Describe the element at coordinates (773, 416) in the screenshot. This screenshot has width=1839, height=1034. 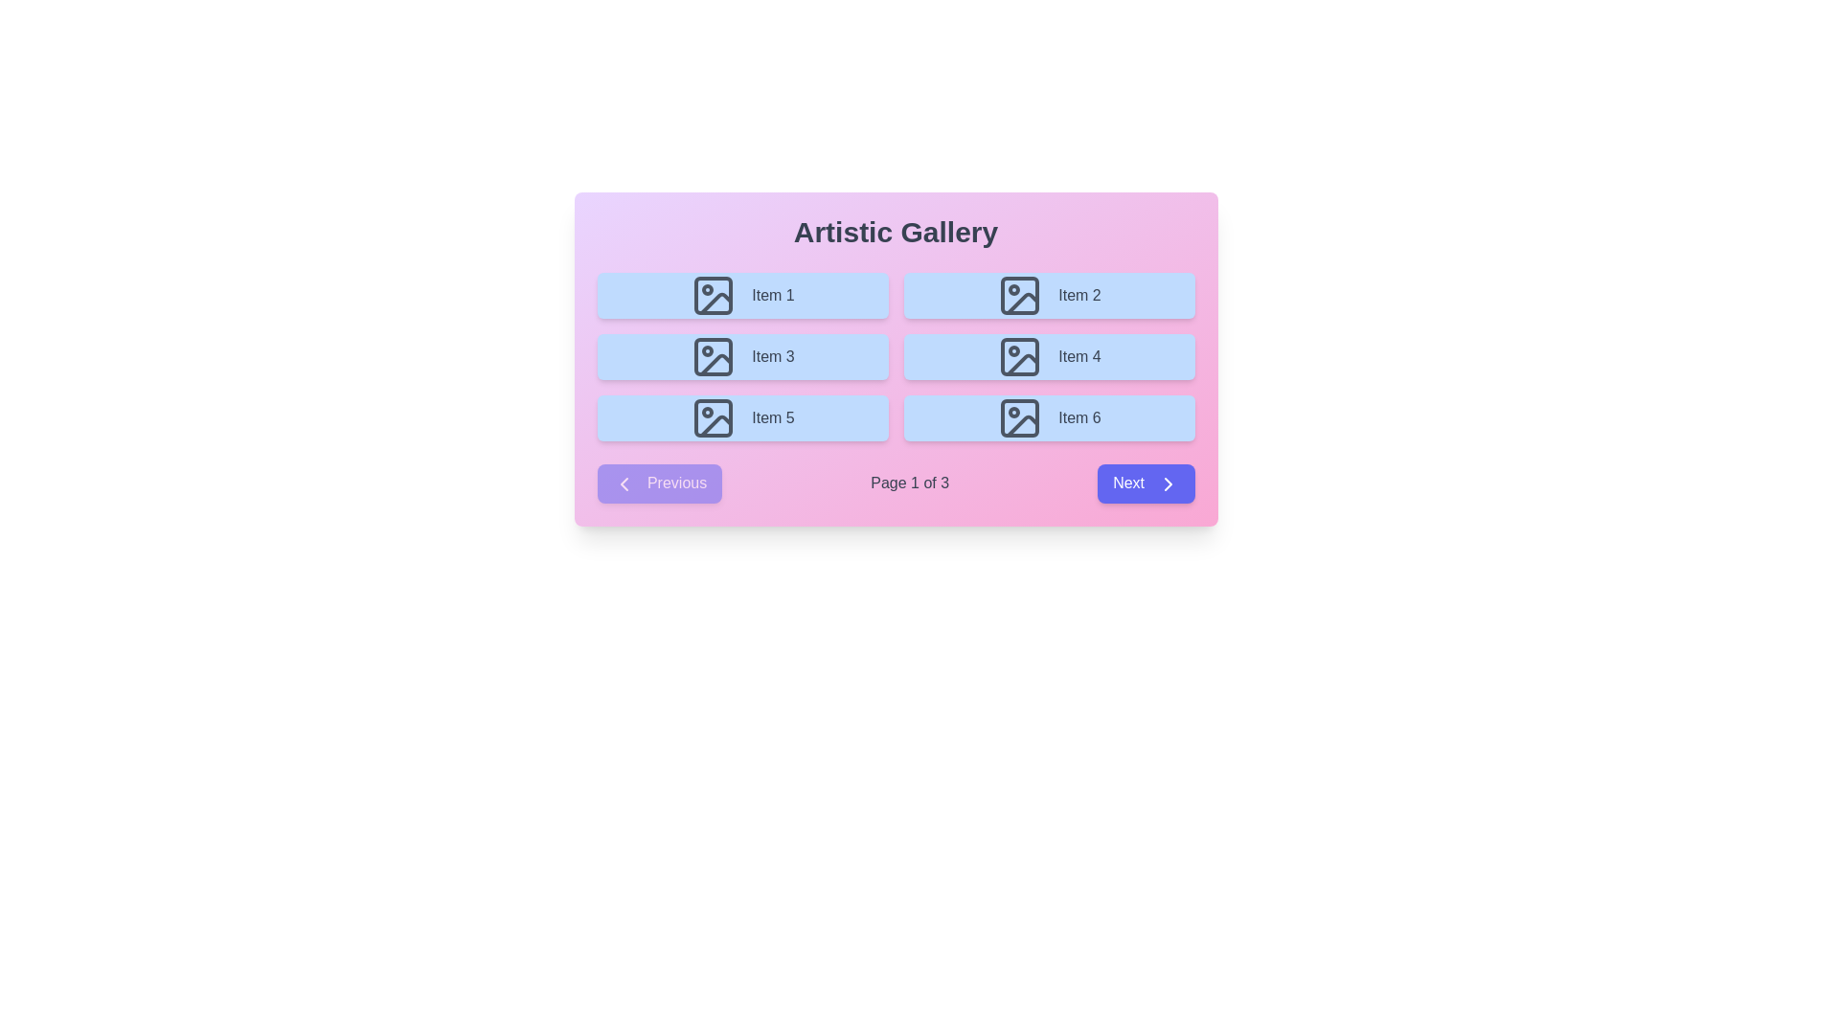
I see `text label that identifies the fifth content item in the grid, which is located in the leftmost position of the third row and is contained within a blue box` at that location.